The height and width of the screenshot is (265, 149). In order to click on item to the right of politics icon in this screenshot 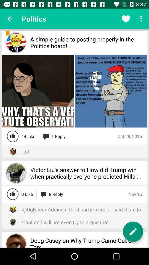, I will do `click(126, 19)`.